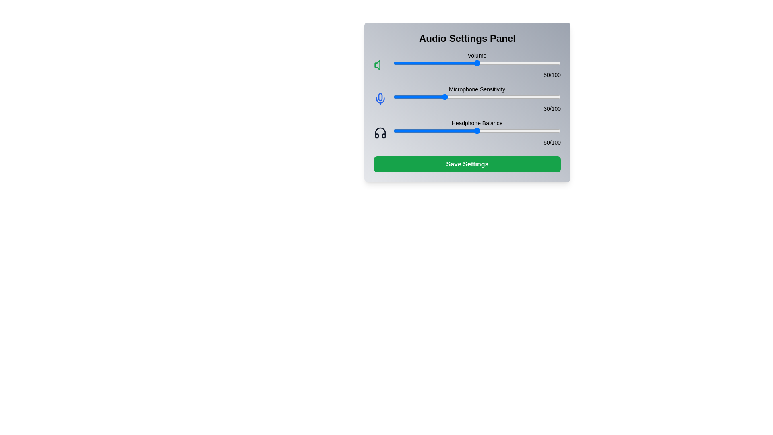 The image size is (773, 435). What do you see at coordinates (423, 63) in the screenshot?
I see `the volume slider` at bounding box center [423, 63].